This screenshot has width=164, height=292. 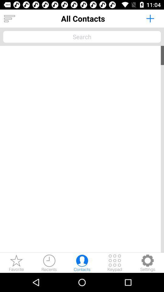 I want to click on look at favorites, so click(x=16, y=262).